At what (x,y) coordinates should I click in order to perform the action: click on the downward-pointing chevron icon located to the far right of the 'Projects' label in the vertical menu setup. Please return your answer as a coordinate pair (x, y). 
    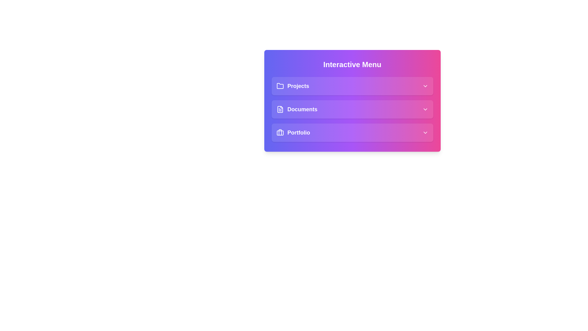
    Looking at the image, I should click on (425, 86).